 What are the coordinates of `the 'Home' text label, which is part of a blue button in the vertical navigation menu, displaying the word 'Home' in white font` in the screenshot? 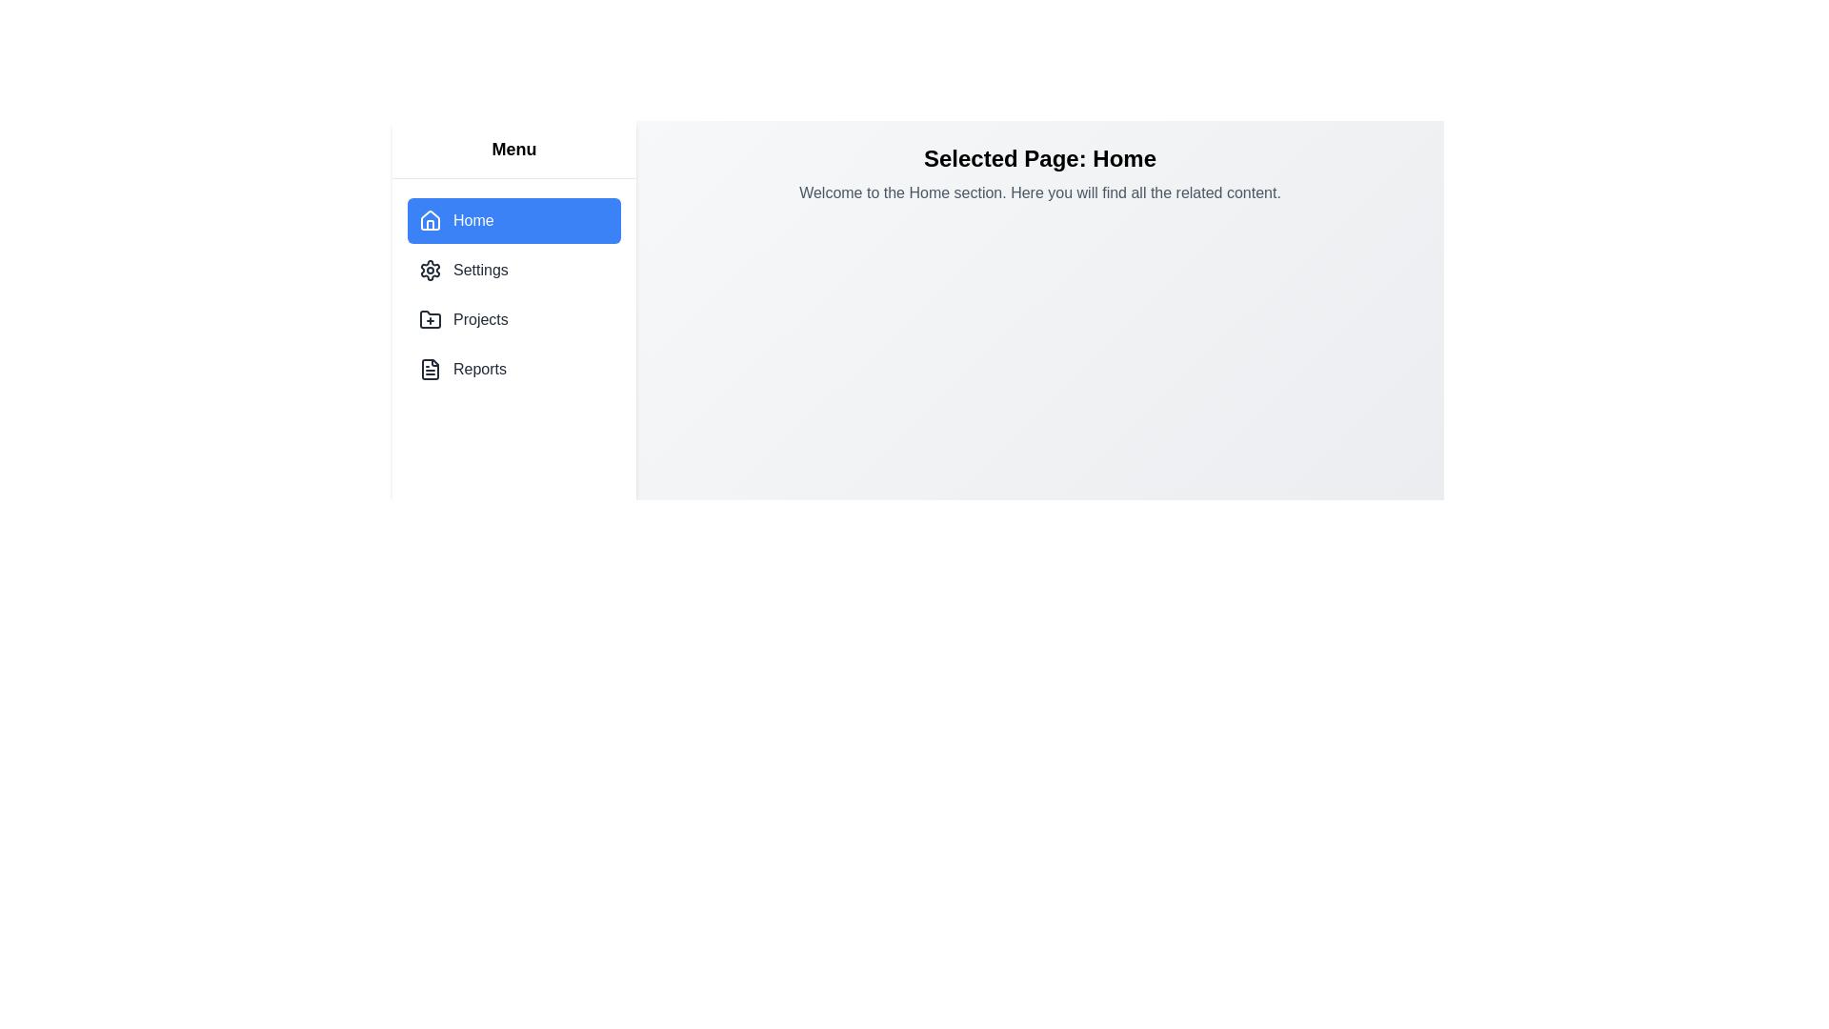 It's located at (473, 219).